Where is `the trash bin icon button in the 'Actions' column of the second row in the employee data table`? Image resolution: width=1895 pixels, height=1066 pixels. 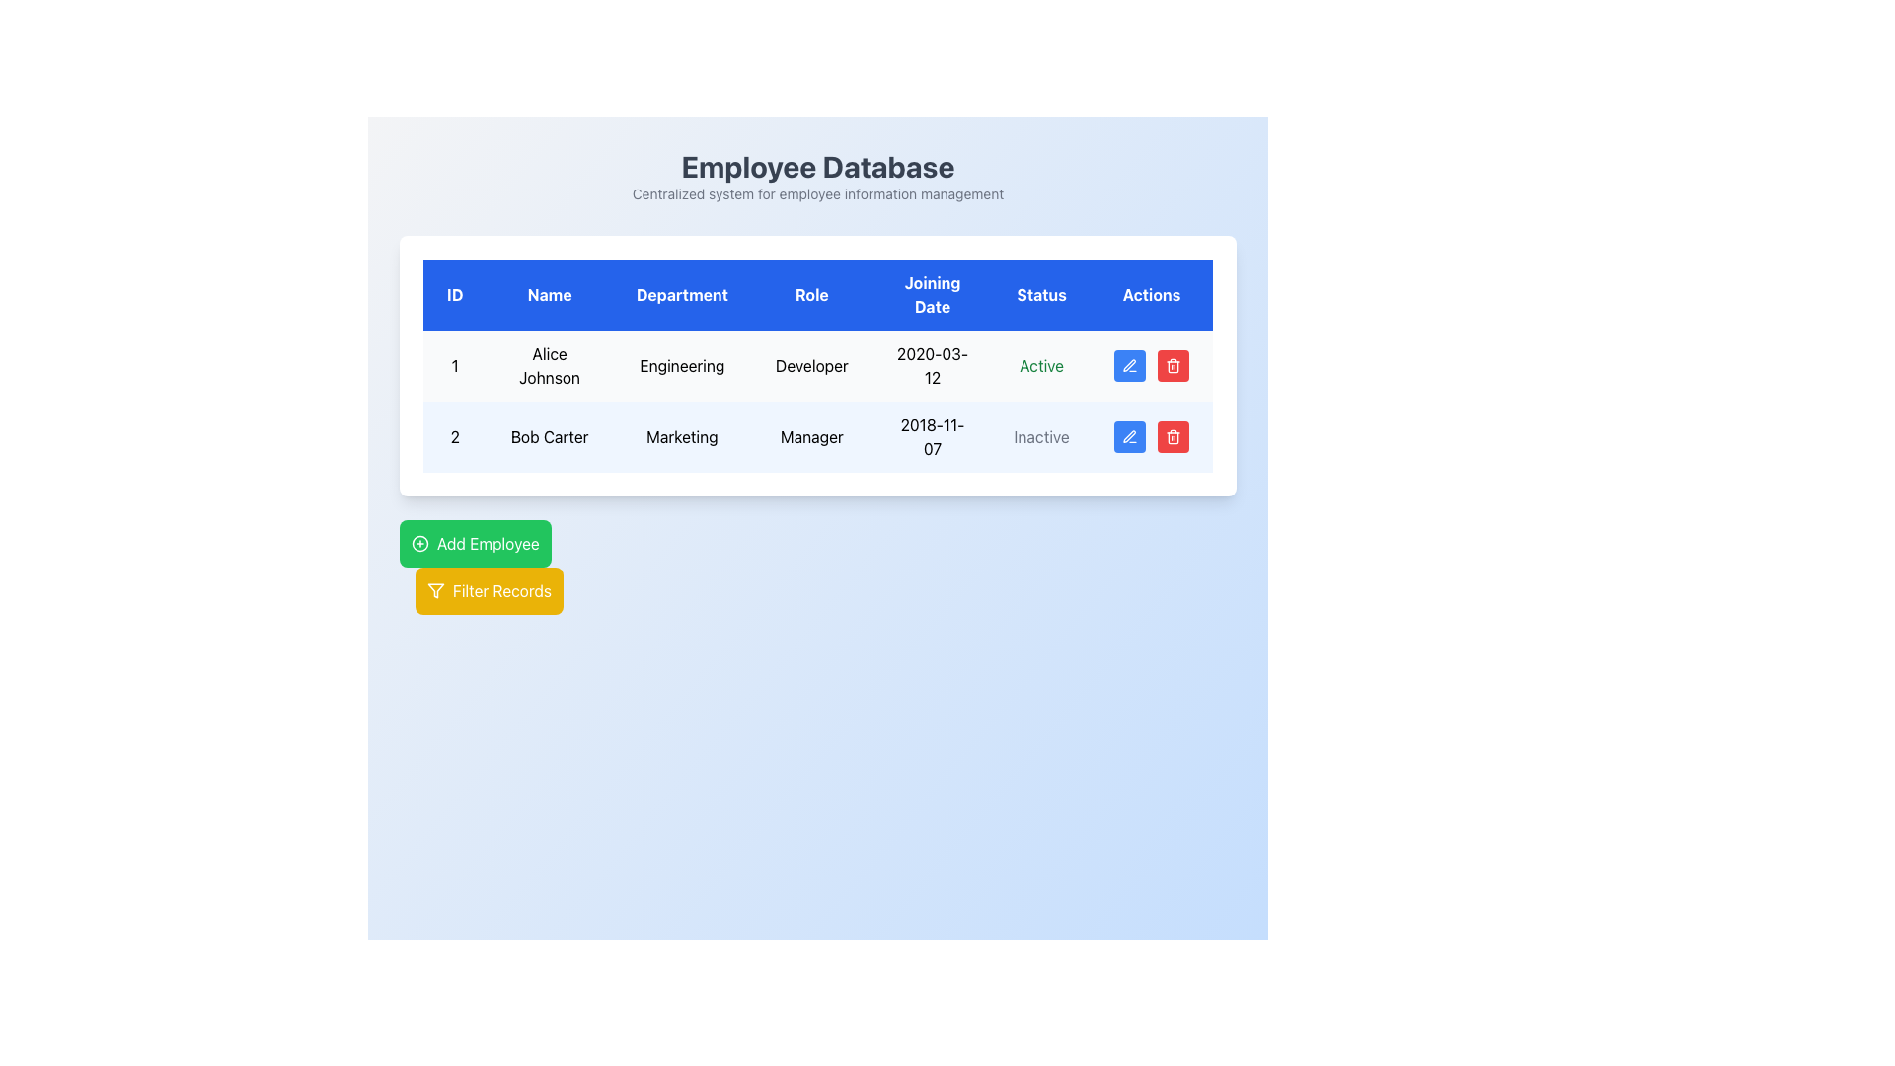 the trash bin icon button in the 'Actions' column of the second row in the employee data table is located at coordinates (1174, 436).